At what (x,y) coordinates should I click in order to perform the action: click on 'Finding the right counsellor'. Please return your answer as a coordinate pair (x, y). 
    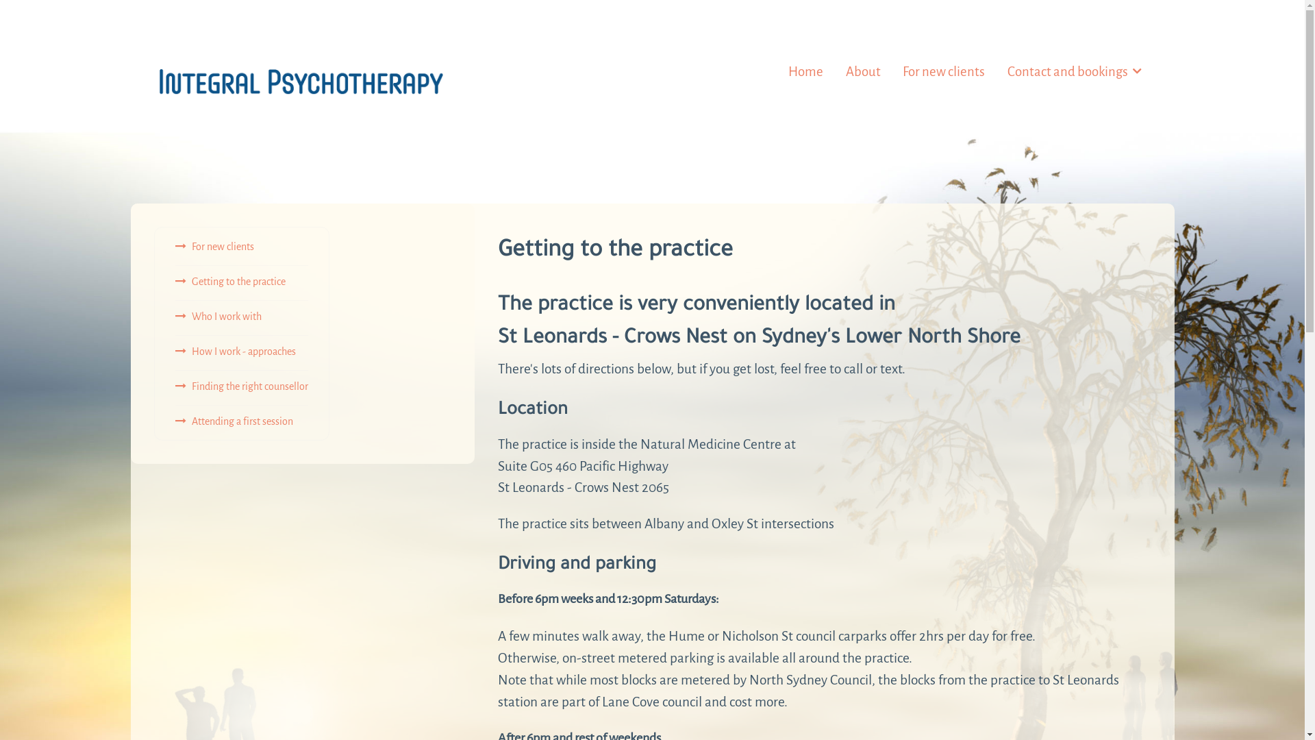
    Looking at the image, I should click on (242, 386).